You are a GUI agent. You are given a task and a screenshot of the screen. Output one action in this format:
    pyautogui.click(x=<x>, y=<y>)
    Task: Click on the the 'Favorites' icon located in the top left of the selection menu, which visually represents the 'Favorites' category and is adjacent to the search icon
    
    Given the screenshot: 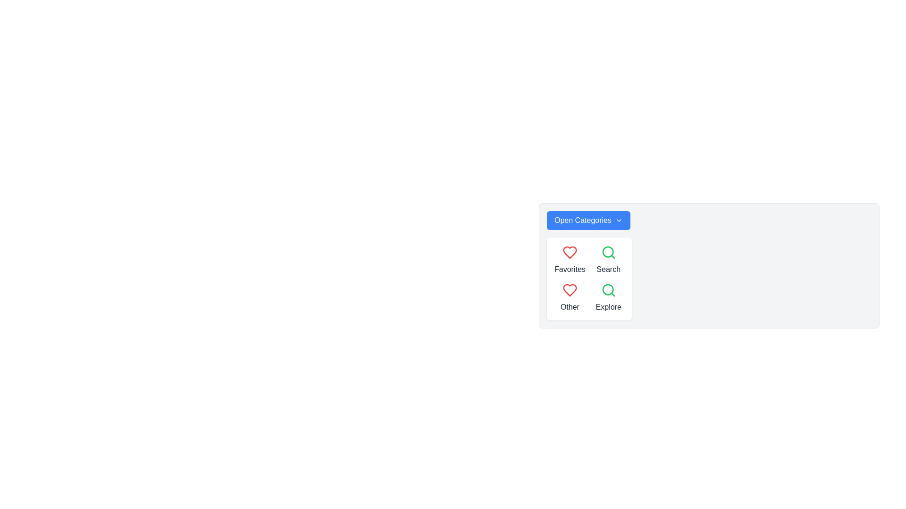 What is the action you would take?
    pyautogui.click(x=569, y=252)
    